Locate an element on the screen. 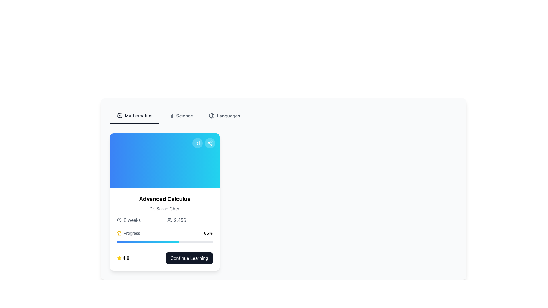 The height and width of the screenshot is (308, 548). the 'Mathematics' button, which has a white background, black text, and a brain icon on the left side is located at coordinates (134, 116).